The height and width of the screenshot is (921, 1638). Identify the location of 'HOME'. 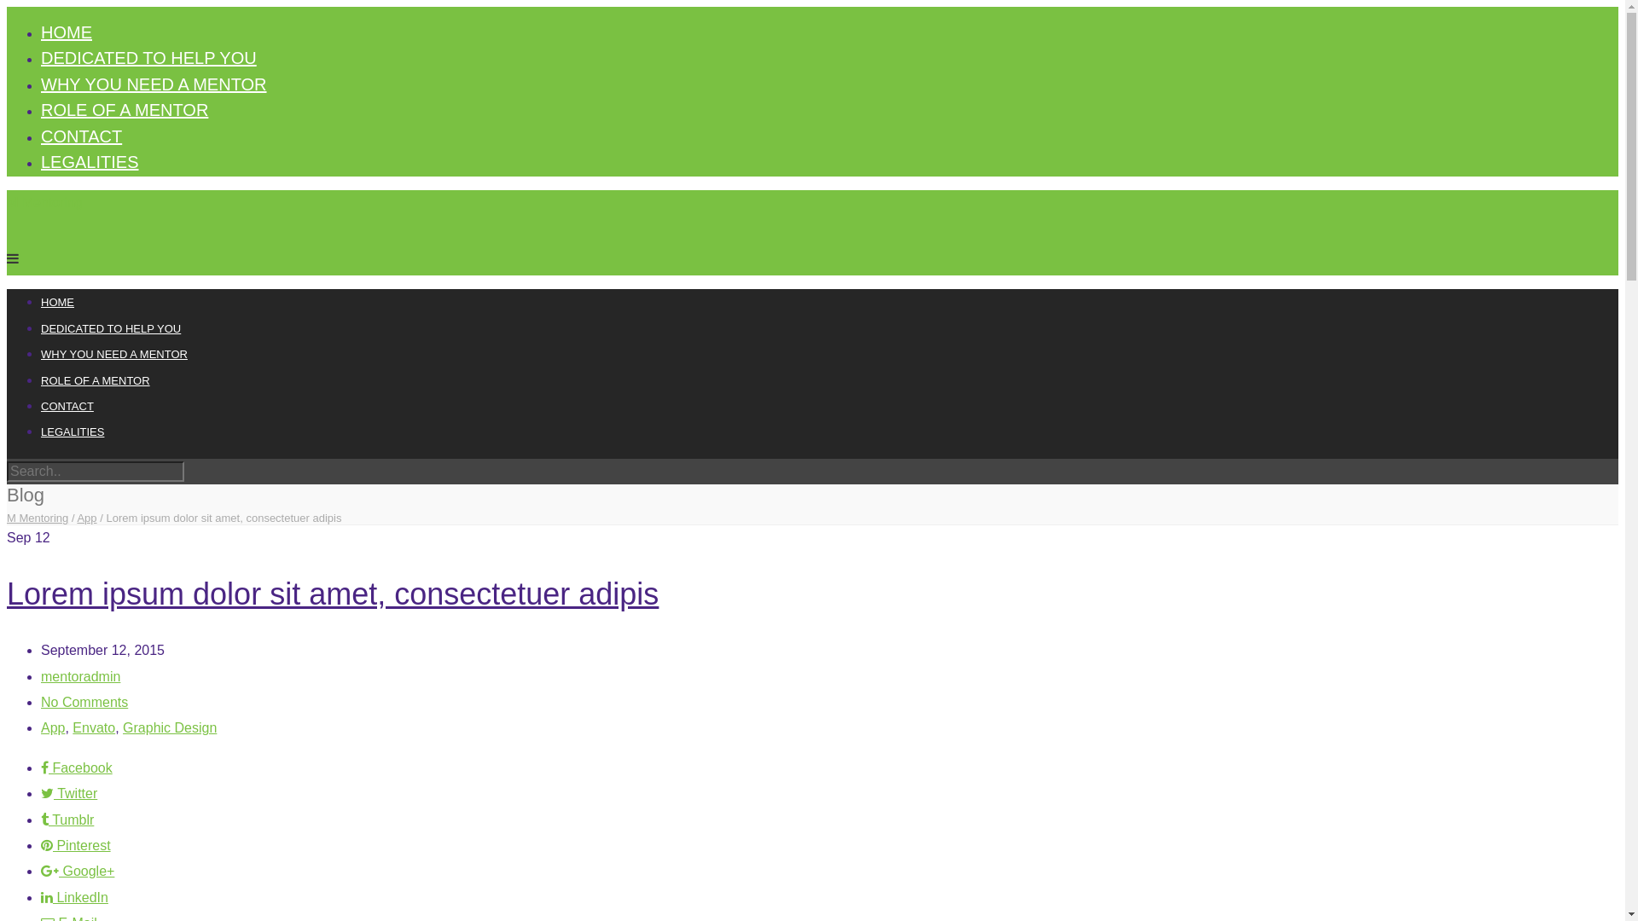
(57, 301).